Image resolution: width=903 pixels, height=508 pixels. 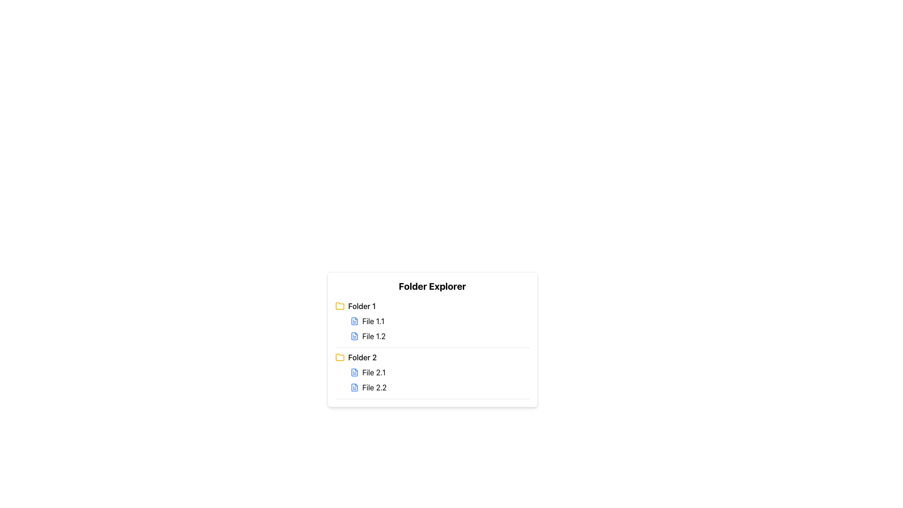 What do you see at coordinates (439, 372) in the screenshot?
I see `the Row element representing the file named 'File 2.1'` at bounding box center [439, 372].